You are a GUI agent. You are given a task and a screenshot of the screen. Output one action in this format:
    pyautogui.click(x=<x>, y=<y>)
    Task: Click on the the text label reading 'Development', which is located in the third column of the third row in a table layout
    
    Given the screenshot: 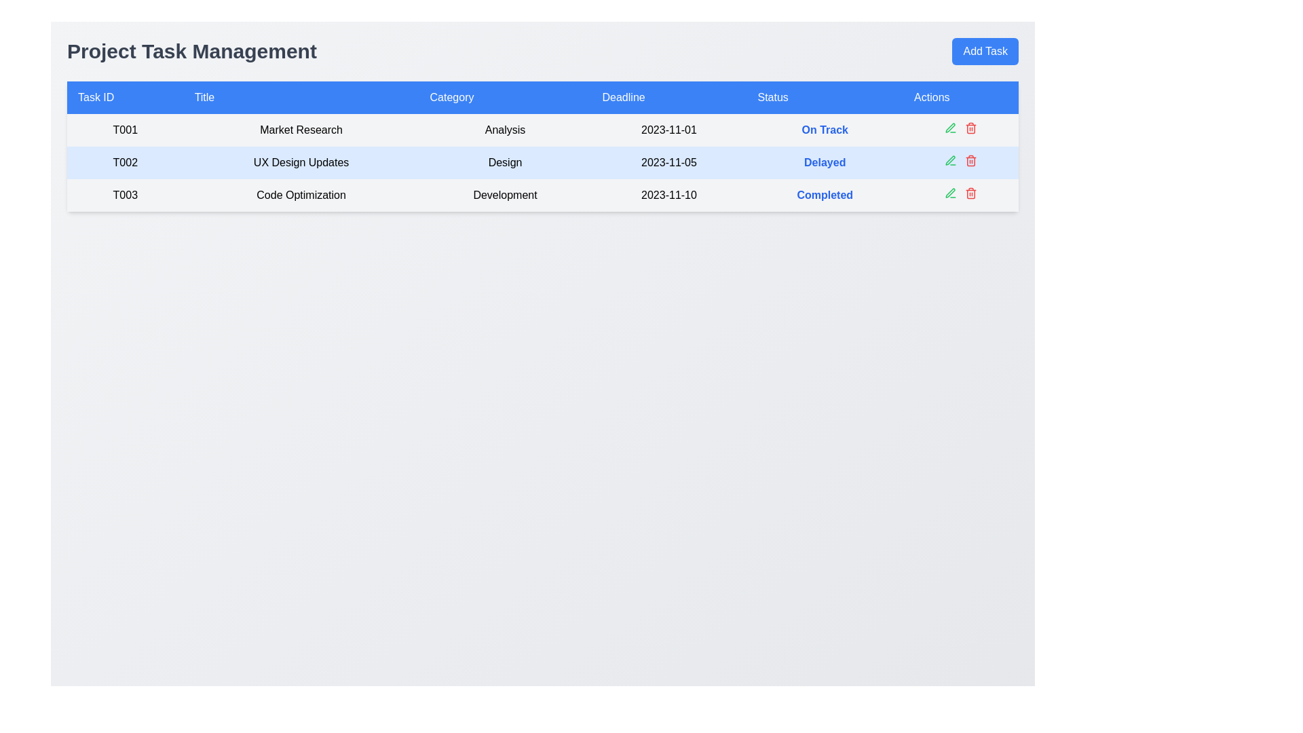 What is the action you would take?
    pyautogui.click(x=504, y=195)
    